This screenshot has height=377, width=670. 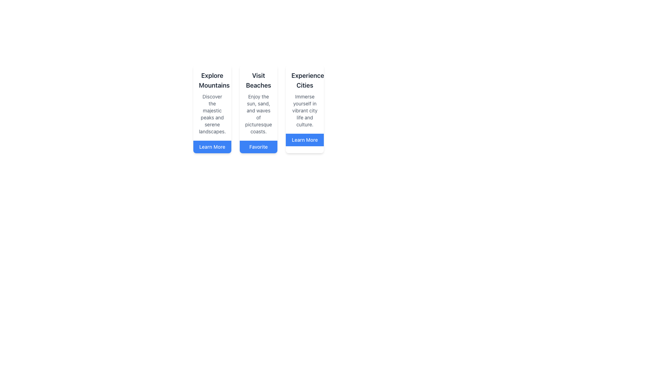 What do you see at coordinates (305, 99) in the screenshot?
I see `informational text block that highlights the theme 'Experience Cities', located in the third card from the left in a grid layout, above the 'Learn More' button` at bounding box center [305, 99].